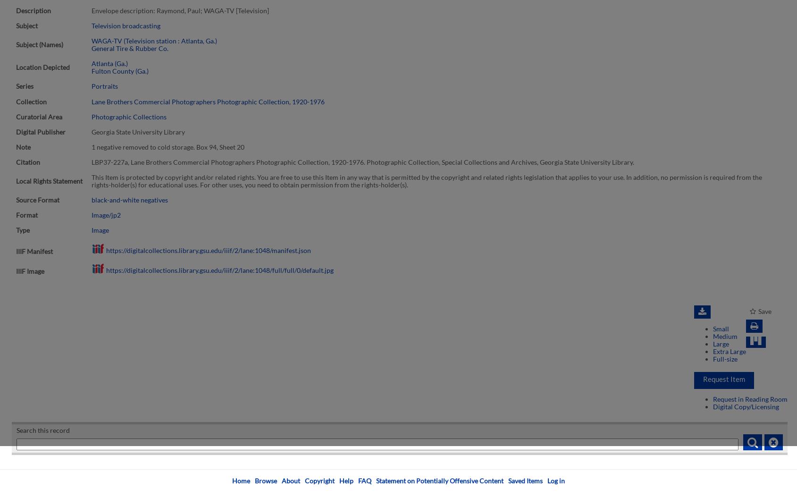 Image resolution: width=797 pixels, height=498 pixels. Describe the element at coordinates (290, 480) in the screenshot. I see `'About'` at that location.